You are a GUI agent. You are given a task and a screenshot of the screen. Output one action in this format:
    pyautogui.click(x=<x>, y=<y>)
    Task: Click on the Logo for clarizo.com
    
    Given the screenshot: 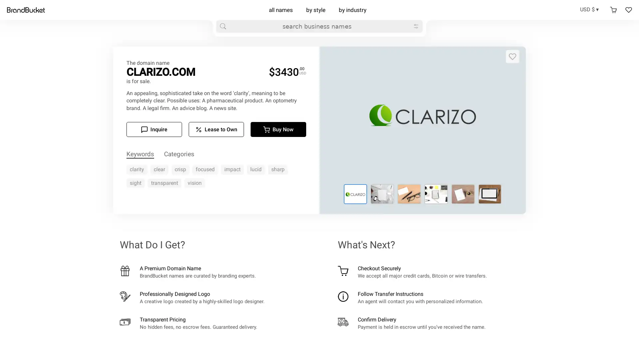 What is the action you would take?
    pyautogui.click(x=436, y=194)
    